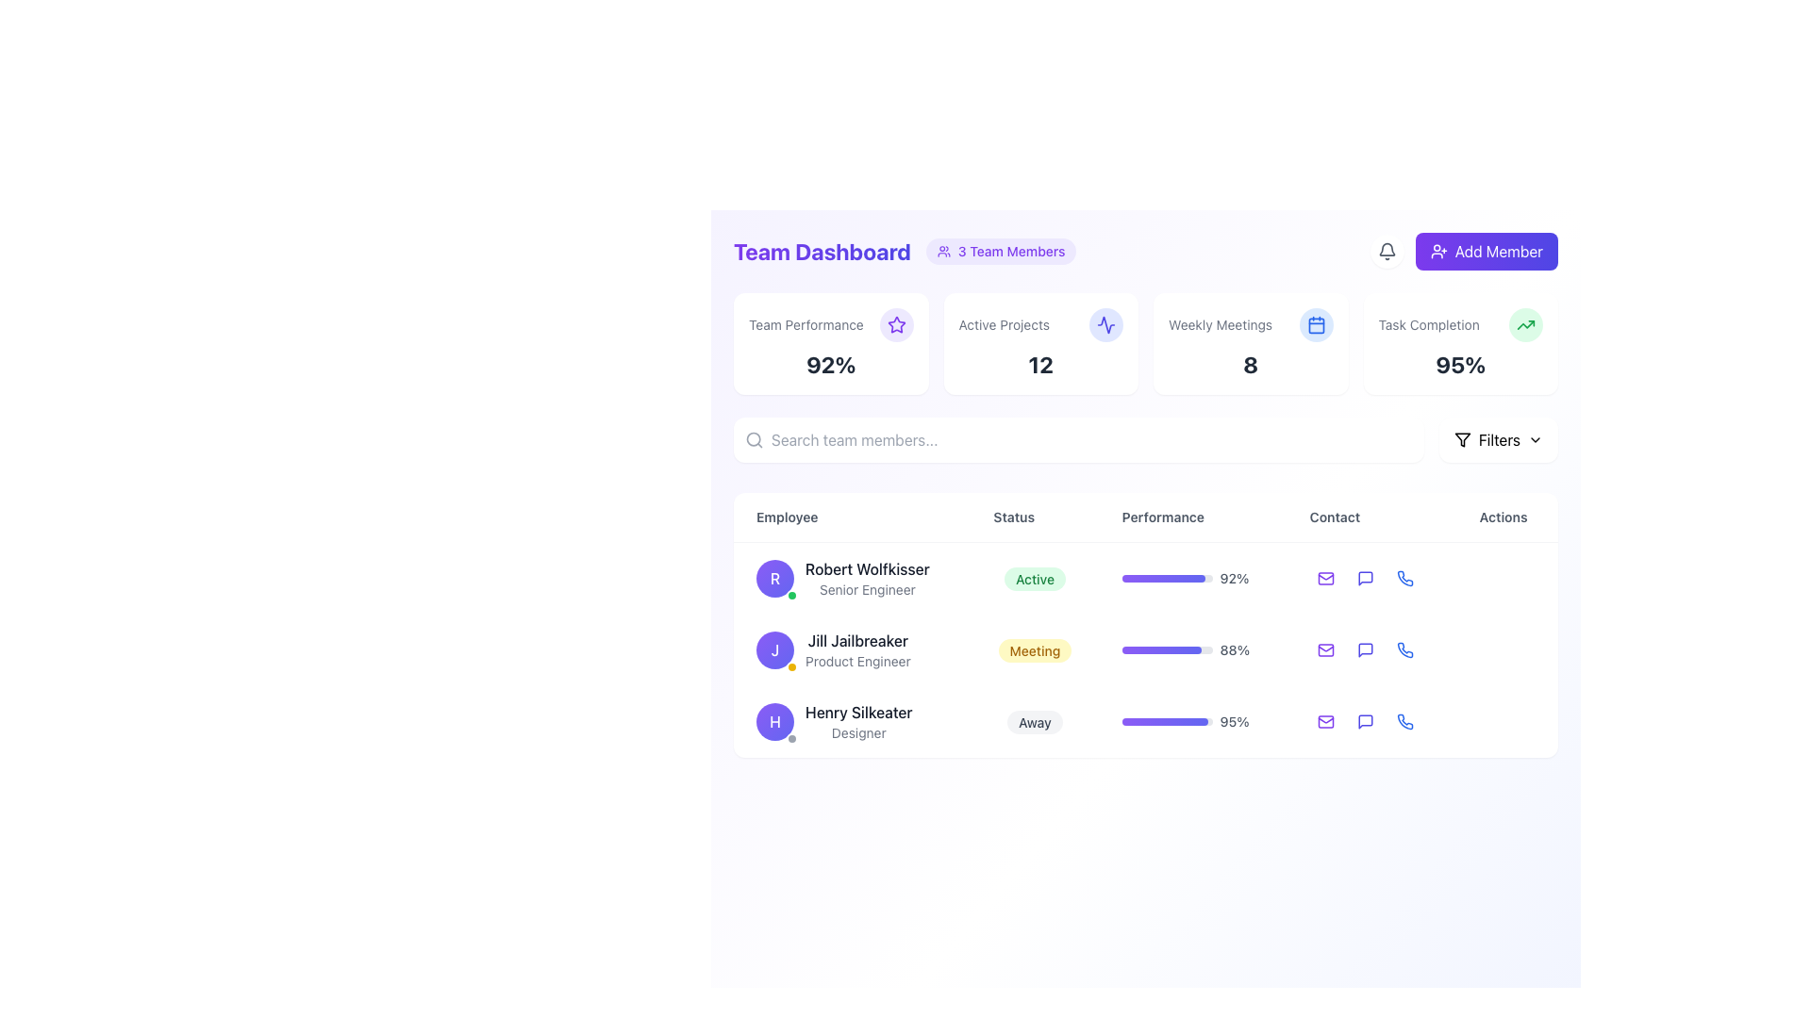 The image size is (1811, 1018). Describe the element at coordinates (1105, 323) in the screenshot. I see `the circular icon with a light indigo background and a bold indigo line graph, located to the right of 'Active Projects' on the dashboard` at that location.